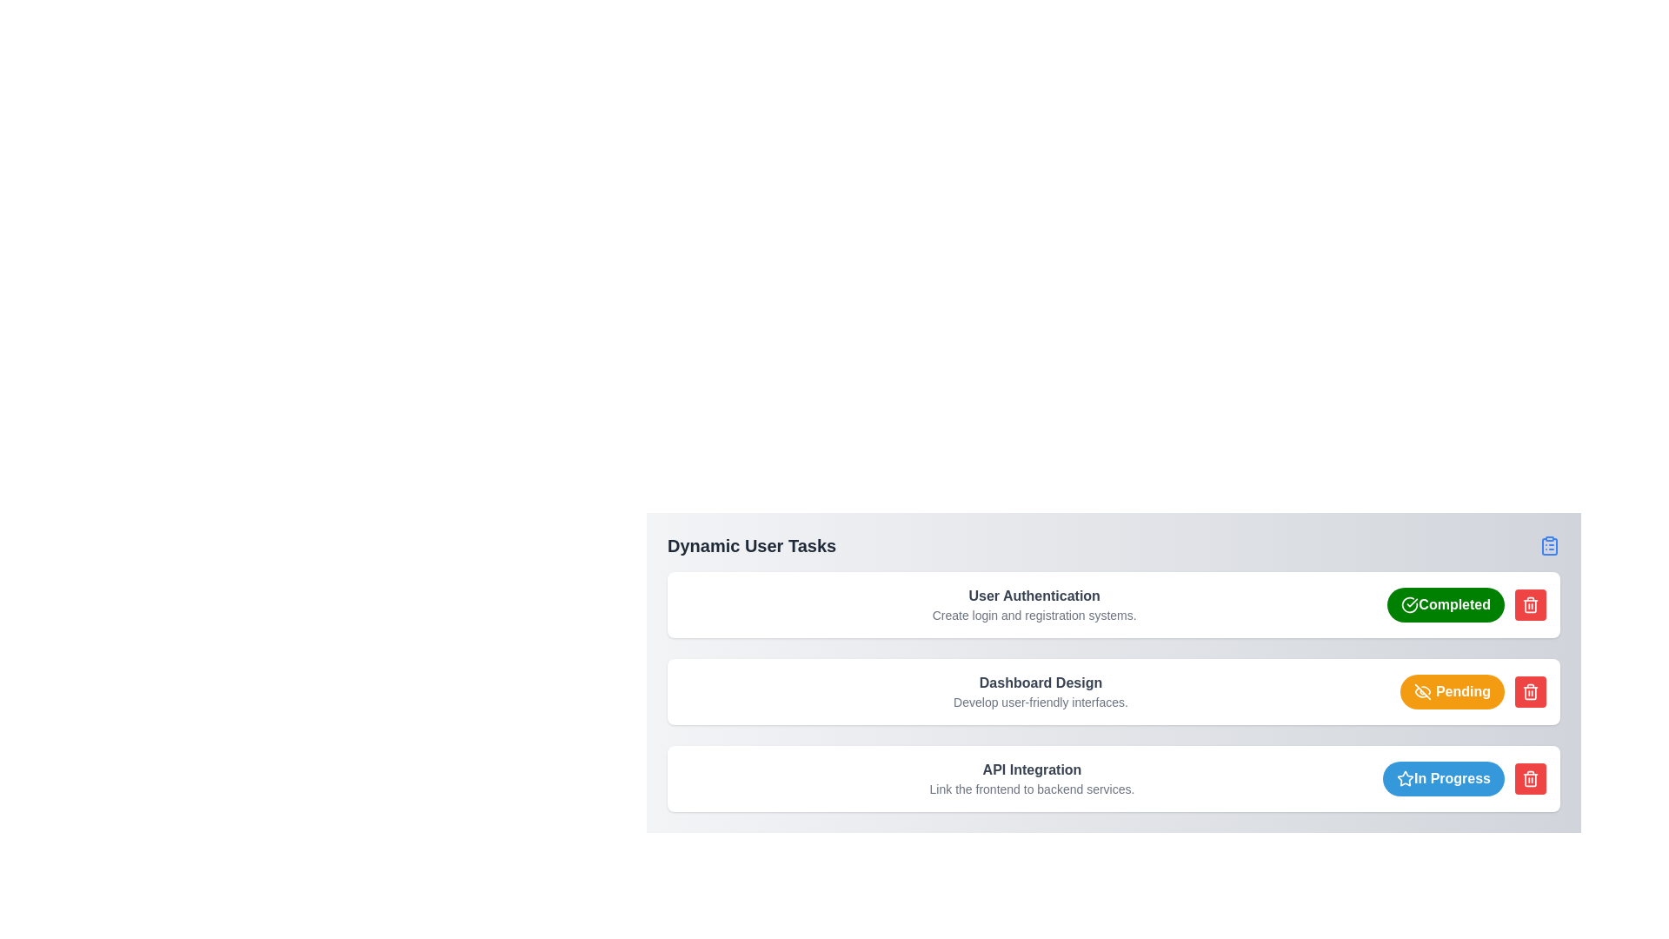 Image resolution: width=1669 pixels, height=939 pixels. What do you see at coordinates (1531, 690) in the screenshot?
I see `the delete button located on the rightmost side of the row labeled 'Dashboard Design' to view options` at bounding box center [1531, 690].